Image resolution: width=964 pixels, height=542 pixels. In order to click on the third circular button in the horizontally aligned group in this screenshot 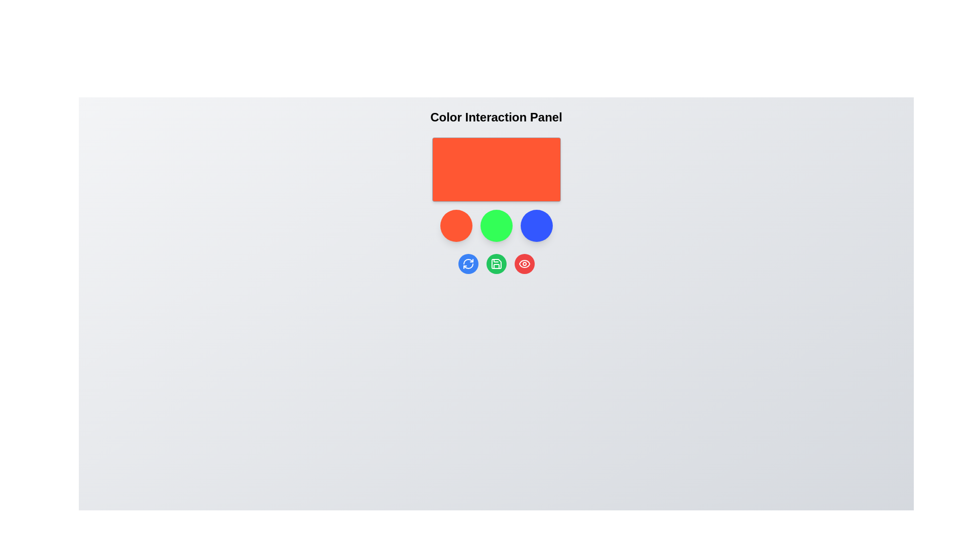, I will do `click(536, 226)`.